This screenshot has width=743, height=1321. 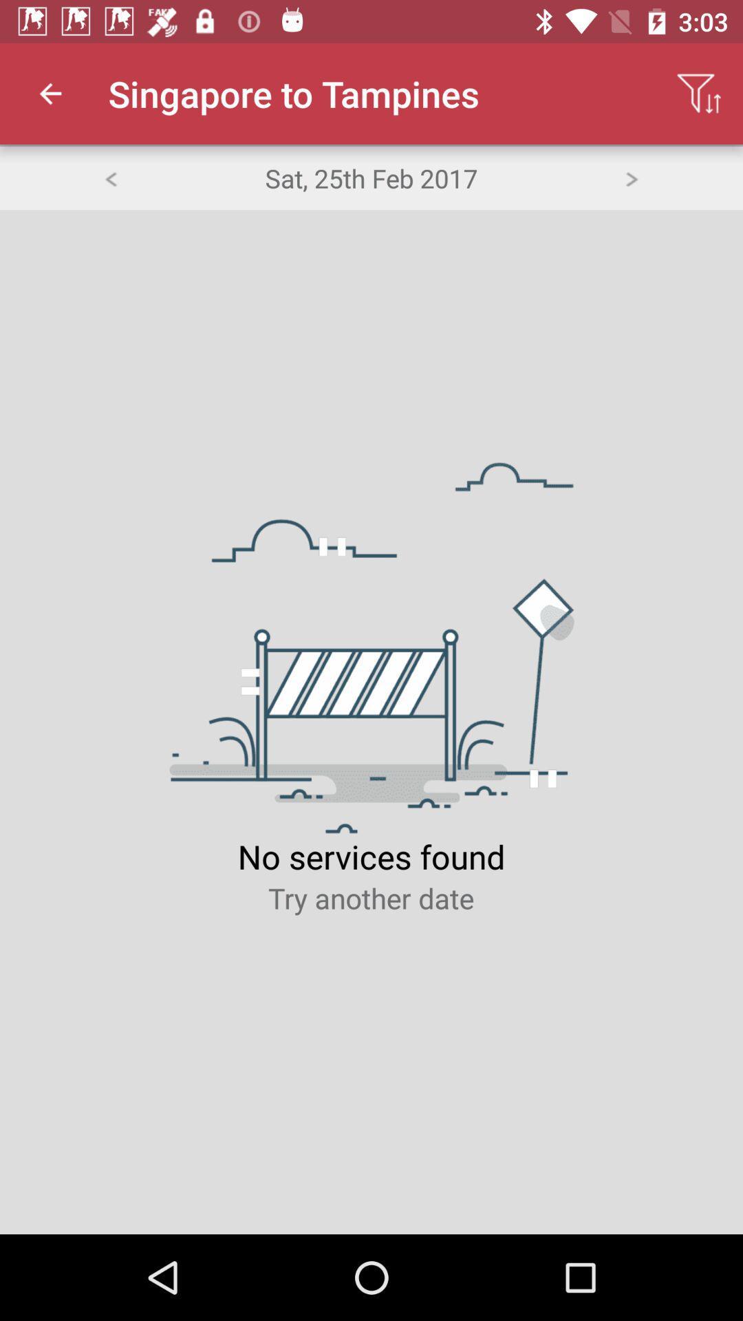 I want to click on previous day, so click(x=109, y=177).